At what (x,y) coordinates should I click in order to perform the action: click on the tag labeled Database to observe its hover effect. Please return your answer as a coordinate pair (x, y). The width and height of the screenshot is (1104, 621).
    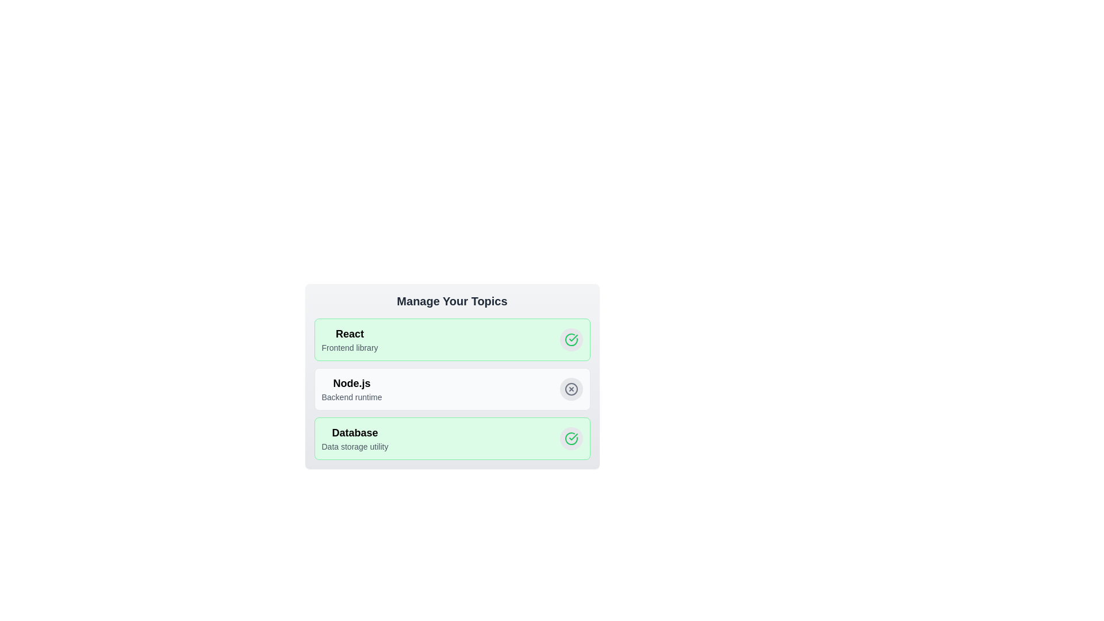
    Looking at the image, I should click on (354, 439).